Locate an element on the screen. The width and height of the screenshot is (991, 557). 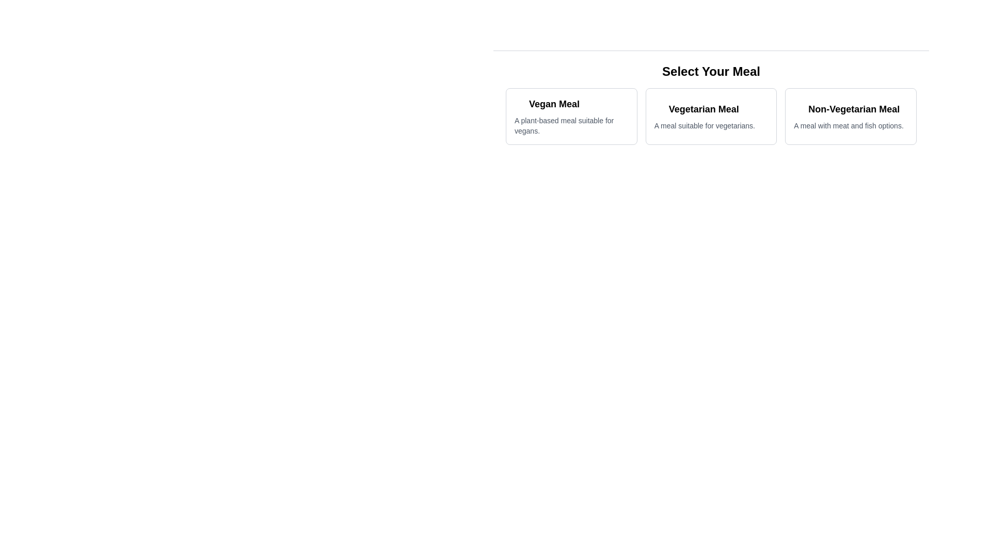
the middle selectable button labeled 'Vegetarian Meal' is located at coordinates (710, 103).